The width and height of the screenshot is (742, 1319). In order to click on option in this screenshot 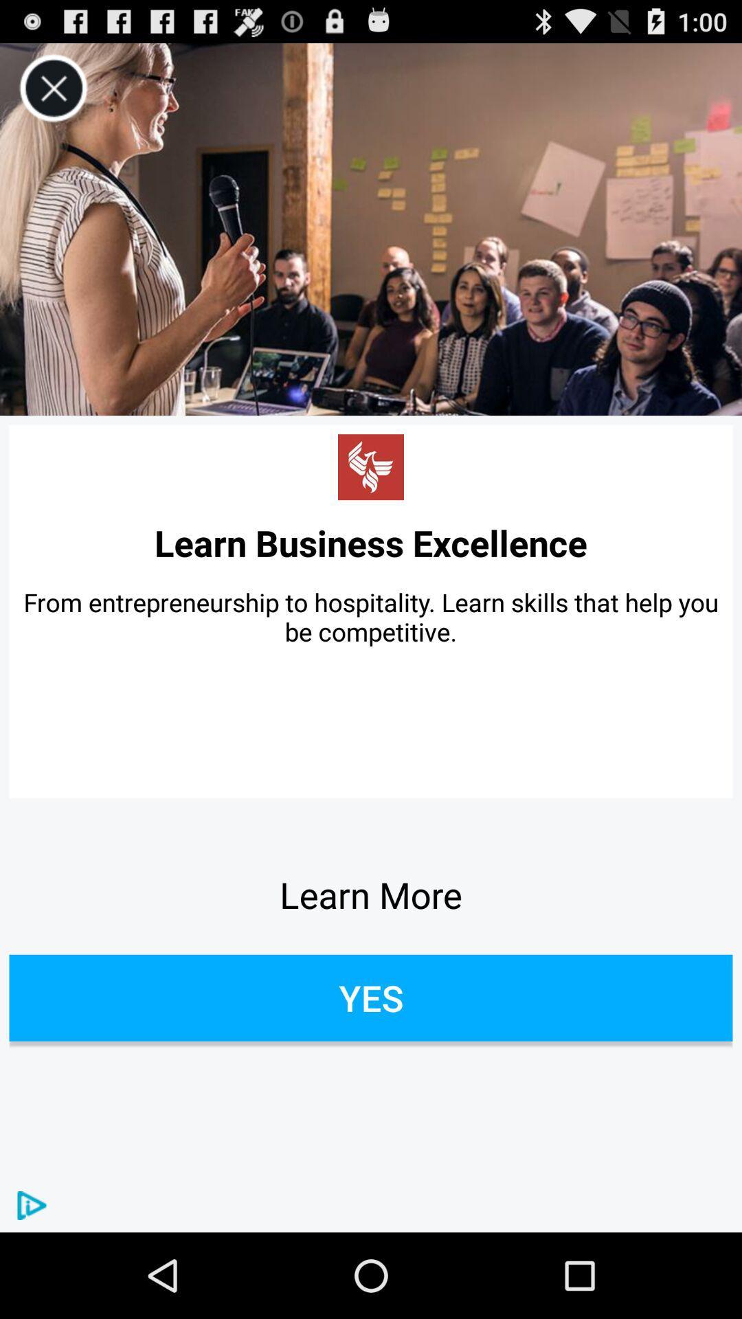, I will do `click(53, 88)`.